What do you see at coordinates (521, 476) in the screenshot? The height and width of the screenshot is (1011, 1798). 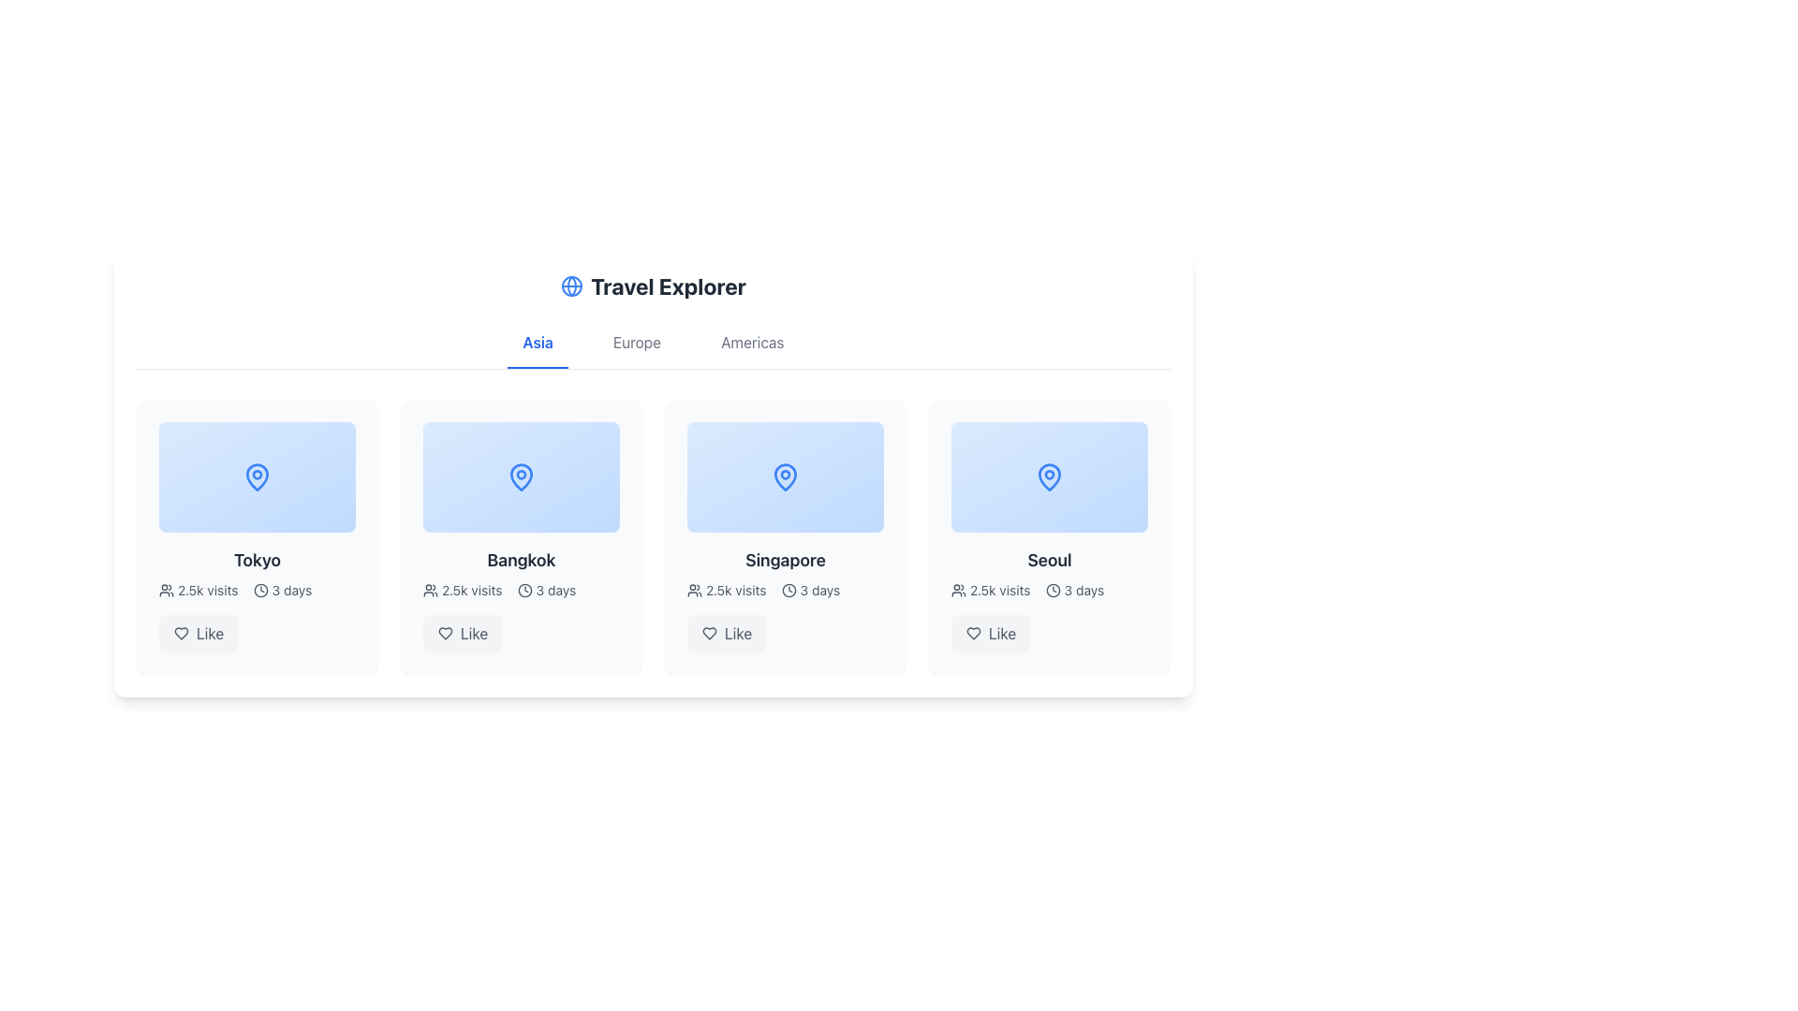 I see `the vibrant blue pin-shaped icon located in the 'Bangkok' card in the 'Travel Explorer' interface` at bounding box center [521, 476].